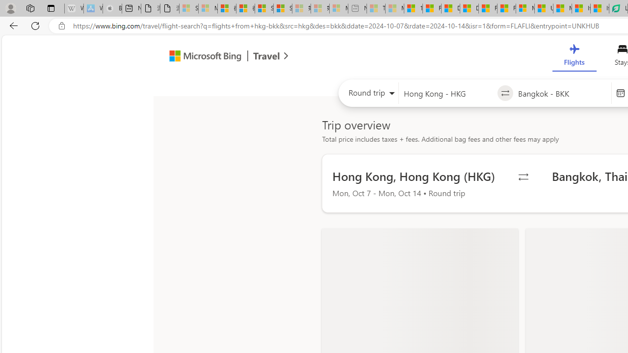  I want to click on 'Marine life - MSN - Sleeping', so click(394, 8).